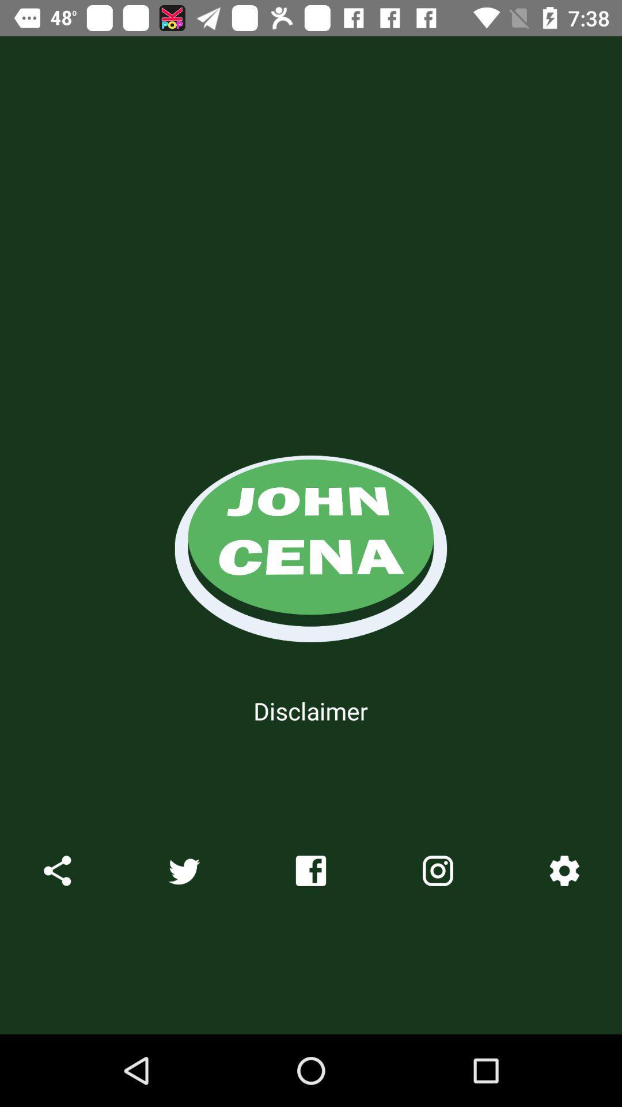  I want to click on the facebook icon, so click(311, 871).